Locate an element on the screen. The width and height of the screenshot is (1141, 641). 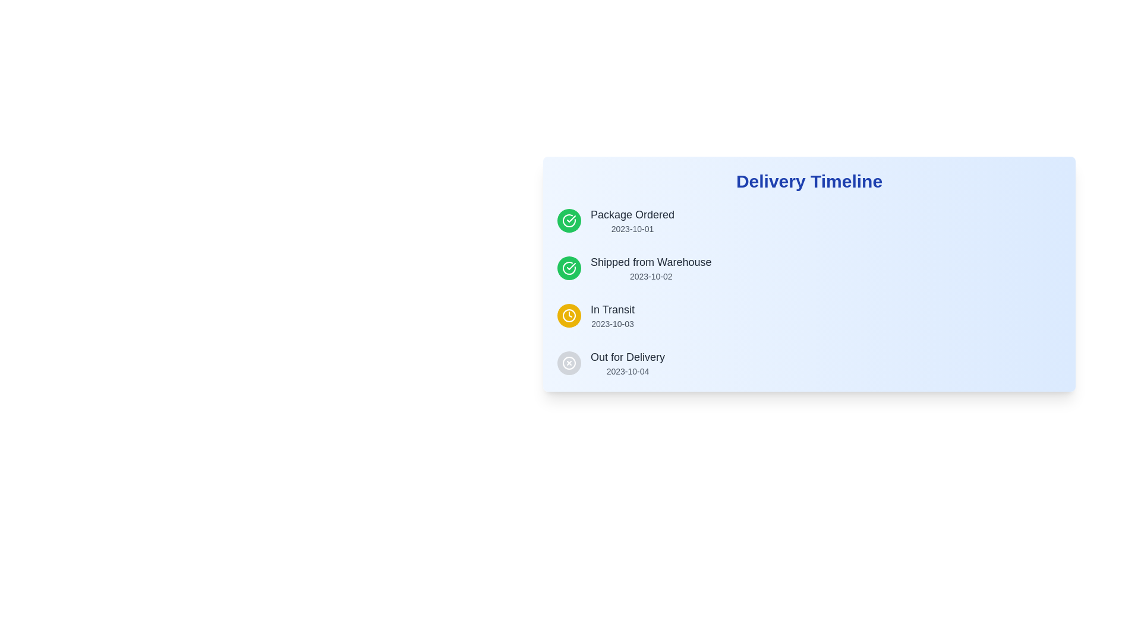
the Status Indicator icon that depicts a circle with an 'X' inside it, located next to the text 'Out for Delivery' and the date '2023-10-04' is located at coordinates (569, 363).